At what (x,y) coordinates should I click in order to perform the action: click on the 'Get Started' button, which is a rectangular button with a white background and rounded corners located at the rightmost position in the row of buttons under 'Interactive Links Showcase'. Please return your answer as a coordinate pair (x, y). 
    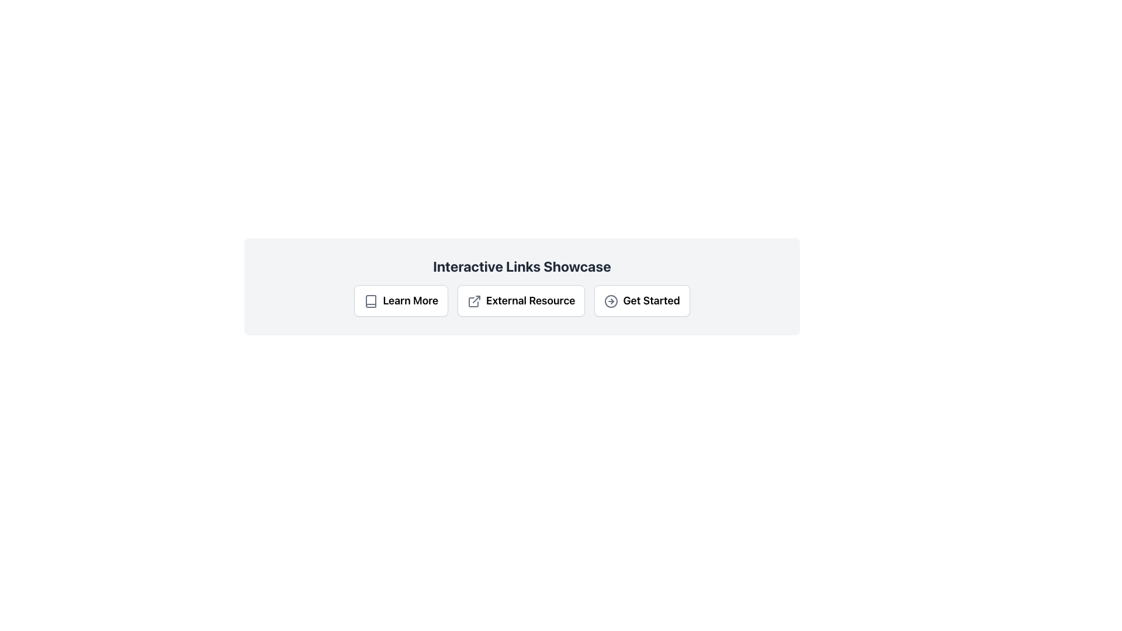
    Looking at the image, I should click on (642, 300).